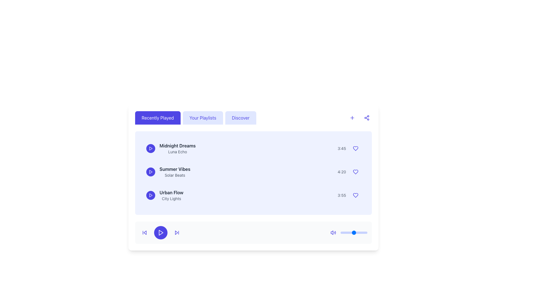  What do you see at coordinates (150, 172) in the screenshot?
I see `the play button located in the second row of the music list, directly preceding the text 'Summer Vibes' by 'Solar Beats' to initiate playback of the track` at bounding box center [150, 172].